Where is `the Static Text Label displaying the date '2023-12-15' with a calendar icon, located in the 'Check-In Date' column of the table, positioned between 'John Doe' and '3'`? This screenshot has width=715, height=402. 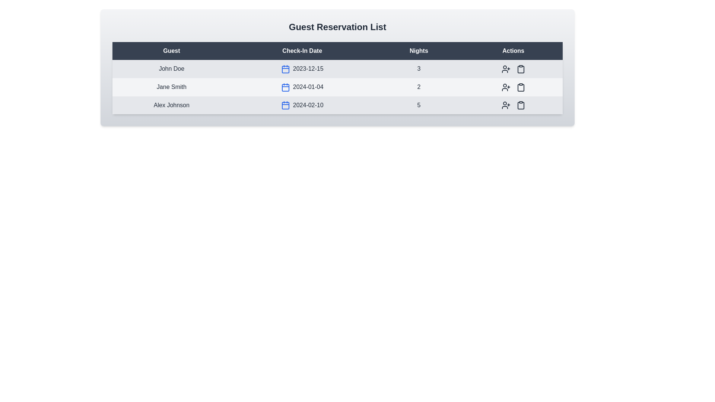 the Static Text Label displaying the date '2023-12-15' with a calendar icon, located in the 'Check-In Date' column of the table, positioned between 'John Doe' and '3' is located at coordinates (302, 69).